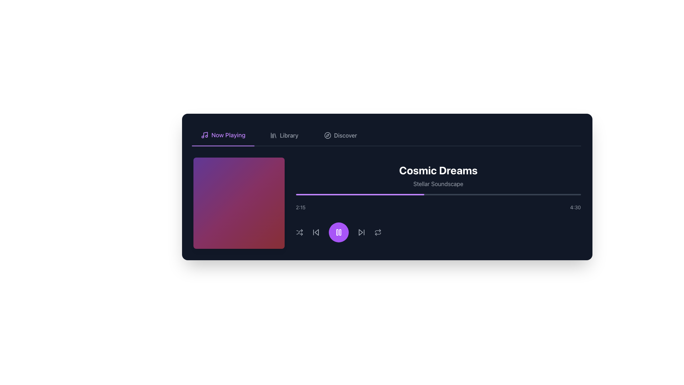 This screenshot has height=385, width=684. I want to click on the Media player information display, so click(438, 203).